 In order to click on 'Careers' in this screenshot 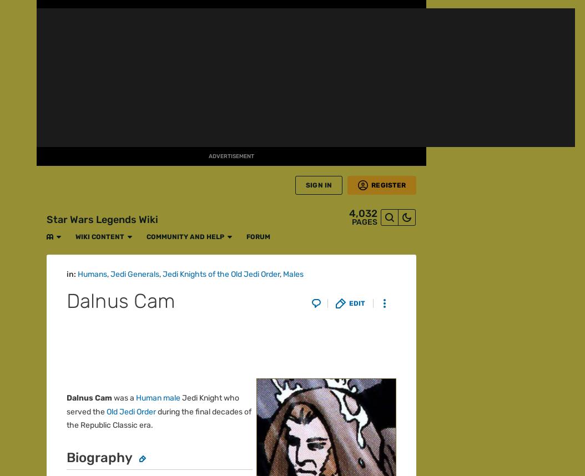, I will do `click(60, 442)`.